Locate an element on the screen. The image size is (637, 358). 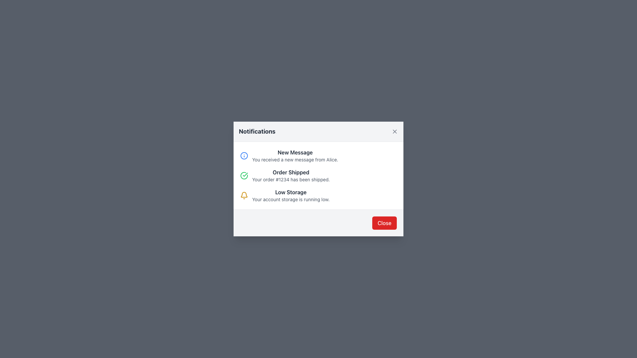
text label 'Order Shipped' which is styled in bold dark gray font and located in the second notification entry of the notification card is located at coordinates (291, 172).